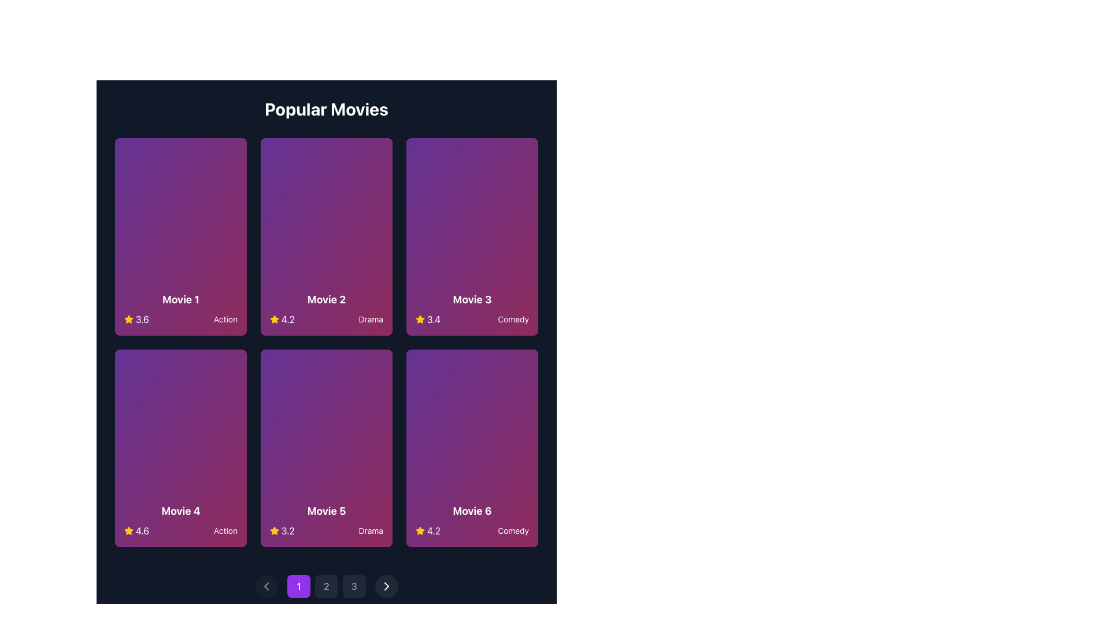 The image size is (1110, 624). Describe the element at coordinates (225, 319) in the screenshot. I see `the genre label indicating 'Action' located at the bottom right corner of the card for 'Movie 1'` at that location.